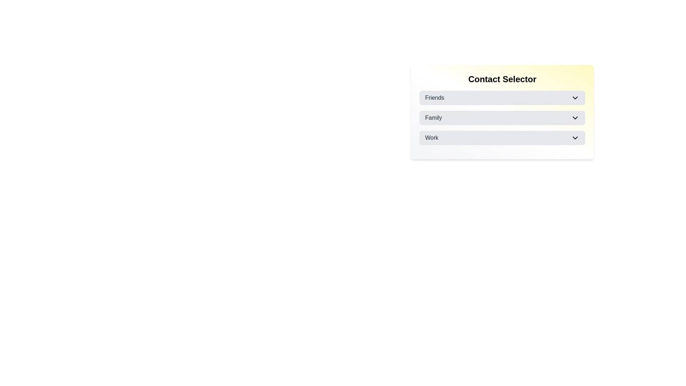  I want to click on the 'Family' button in the 'Contact Selector' component, so click(502, 118).